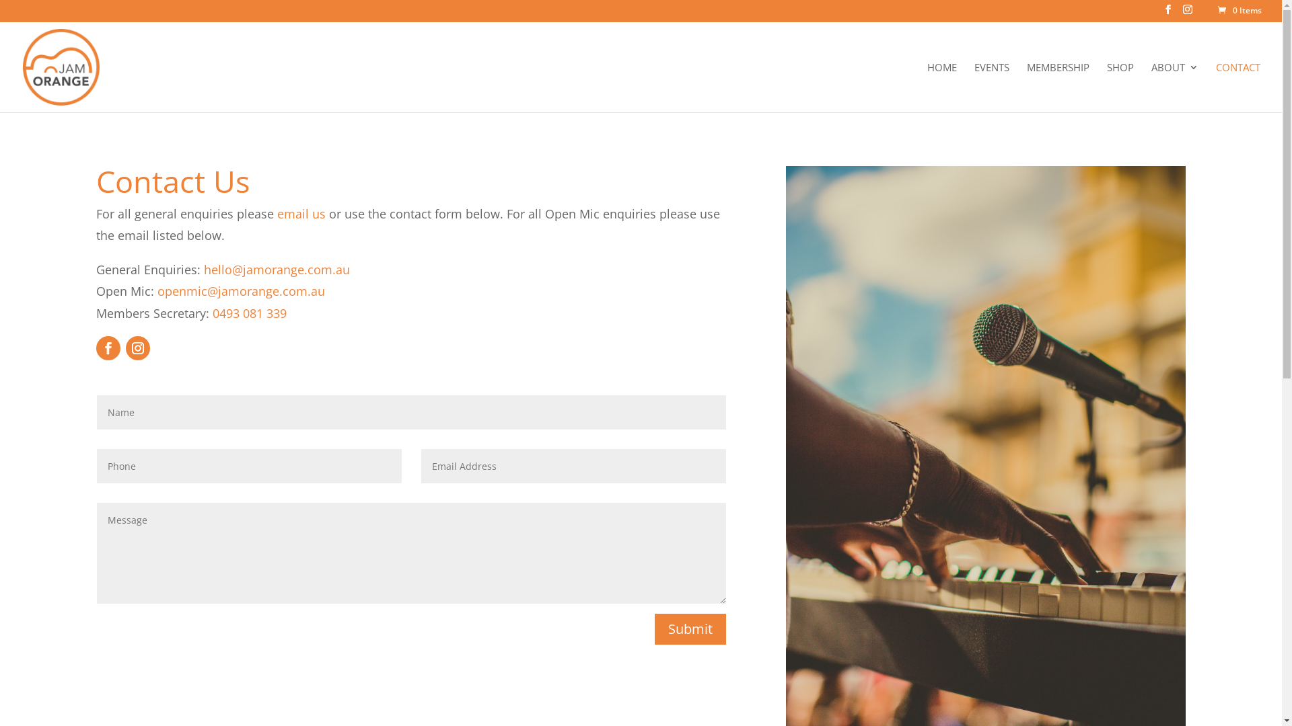 The image size is (1292, 726). What do you see at coordinates (157, 290) in the screenshot?
I see `'openmic@jamorange.com.au'` at bounding box center [157, 290].